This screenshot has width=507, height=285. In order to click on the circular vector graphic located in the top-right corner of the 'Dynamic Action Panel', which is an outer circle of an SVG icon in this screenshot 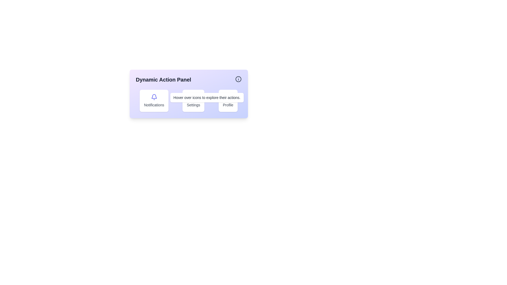, I will do `click(238, 79)`.